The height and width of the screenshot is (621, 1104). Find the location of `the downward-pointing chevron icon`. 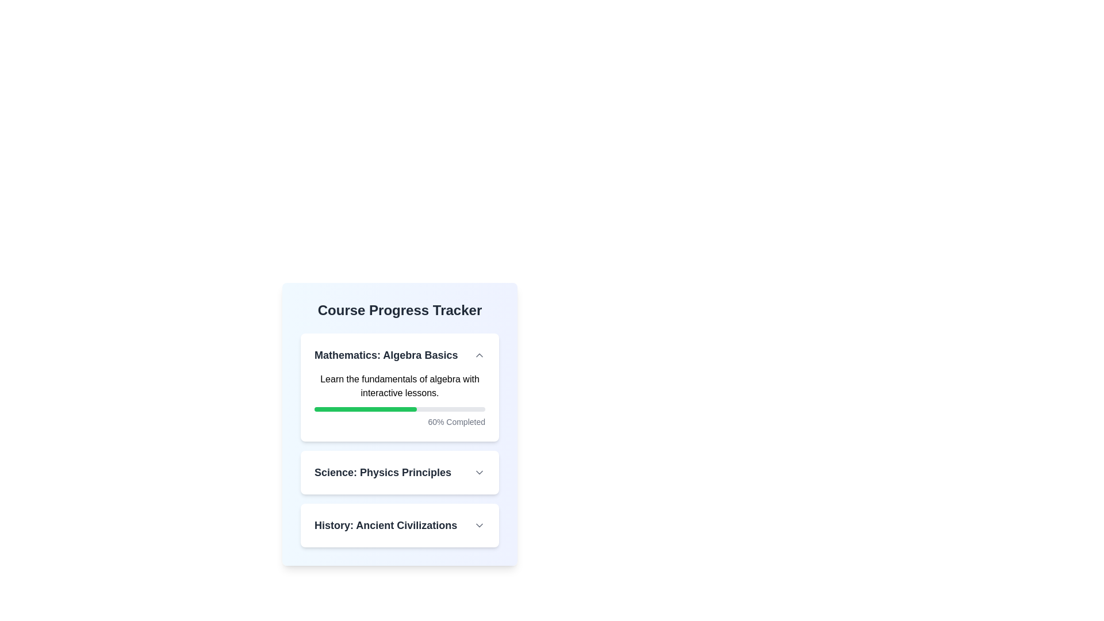

the downward-pointing chevron icon is located at coordinates (480, 472).